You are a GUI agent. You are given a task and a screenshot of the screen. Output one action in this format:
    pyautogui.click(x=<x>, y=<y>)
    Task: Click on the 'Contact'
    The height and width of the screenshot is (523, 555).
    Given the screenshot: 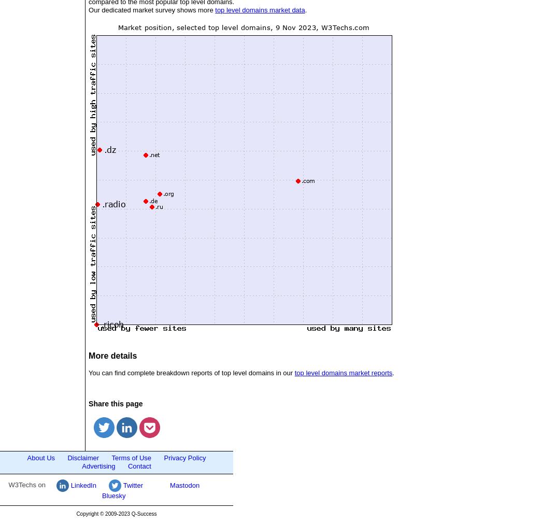 What is the action you would take?
    pyautogui.click(x=139, y=466)
    